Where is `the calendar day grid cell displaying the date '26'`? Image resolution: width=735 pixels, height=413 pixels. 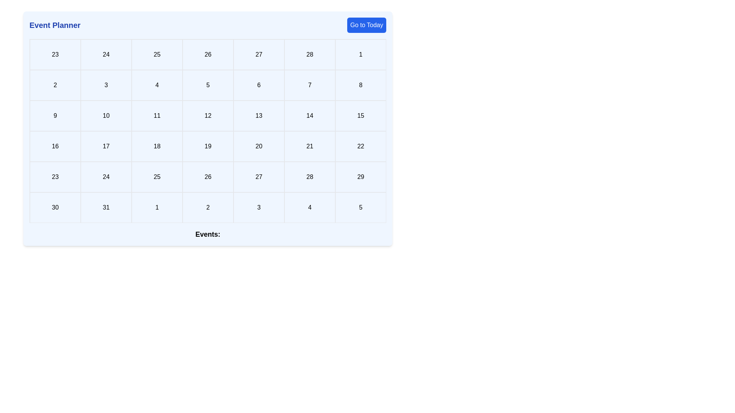
the calendar day grid cell displaying the date '26' is located at coordinates (208, 54).